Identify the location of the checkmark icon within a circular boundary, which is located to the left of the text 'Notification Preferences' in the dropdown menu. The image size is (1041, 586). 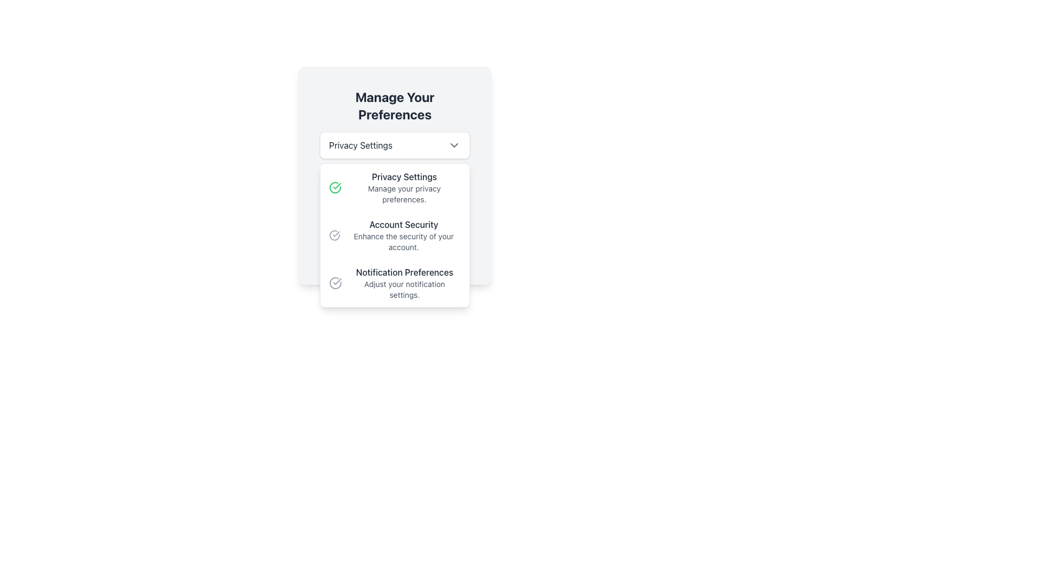
(335, 282).